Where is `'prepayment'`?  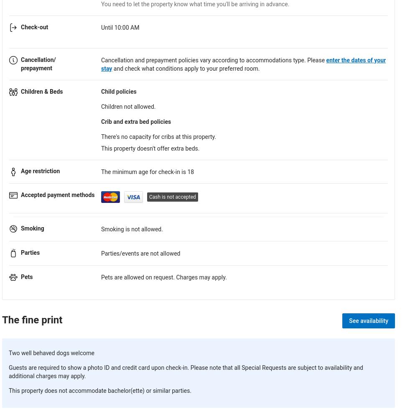 'prepayment' is located at coordinates (36, 67).